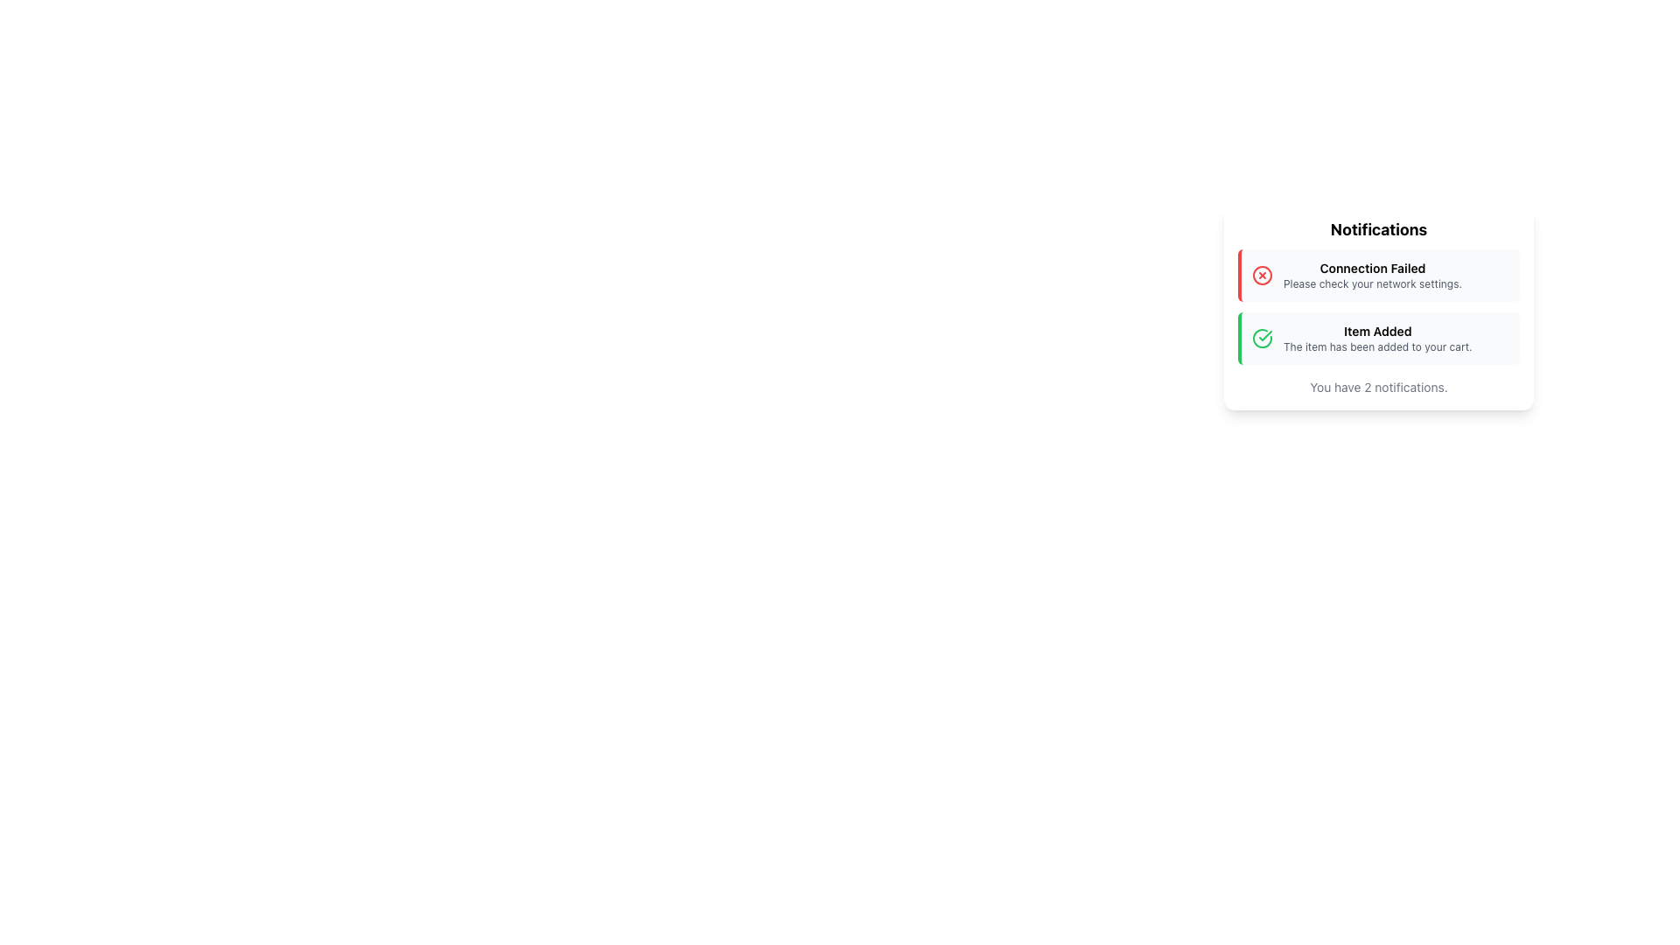 The image size is (1680, 945). I want to click on text displayed in the Text Label that says 'You have 2 notifications.', which is styled in a small gray font and positioned underneath two notification cards, so click(1377, 380).